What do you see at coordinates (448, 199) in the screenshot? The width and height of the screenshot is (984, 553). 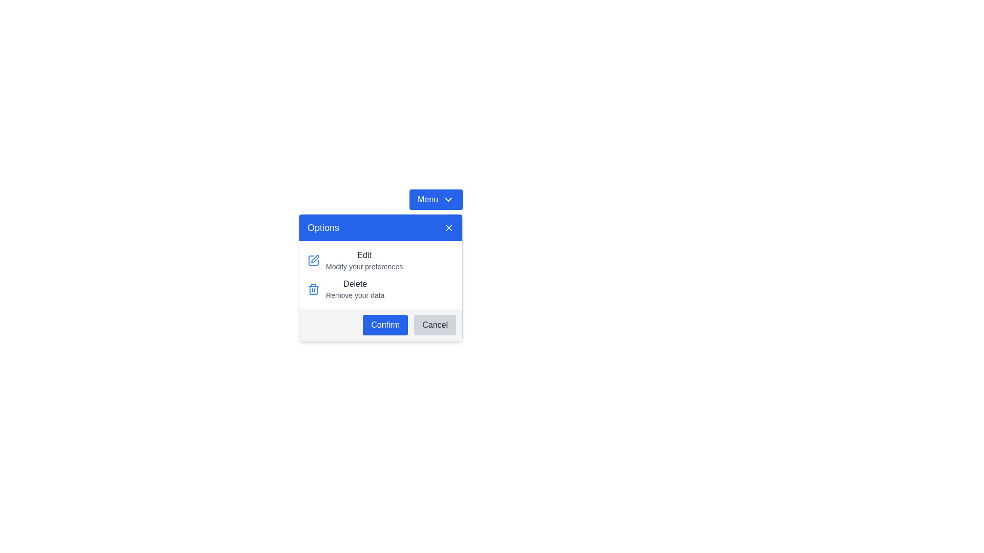 I see `the chevron-down icon located on the right side of the 'Menu' button` at bounding box center [448, 199].